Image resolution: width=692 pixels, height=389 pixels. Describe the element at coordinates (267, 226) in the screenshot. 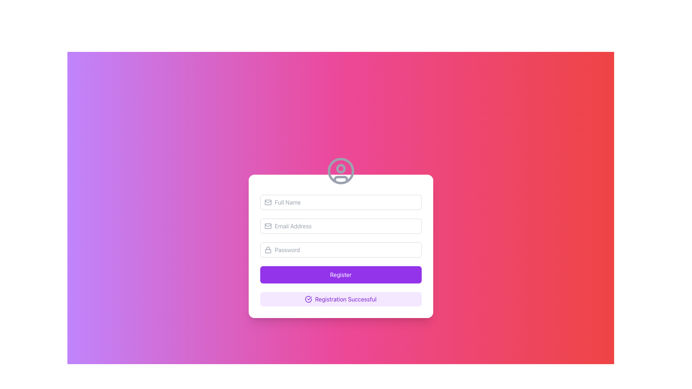

I see `the mail icon located within the input field labeled 'Email Address', which is positioned on the far left side of the field` at that location.